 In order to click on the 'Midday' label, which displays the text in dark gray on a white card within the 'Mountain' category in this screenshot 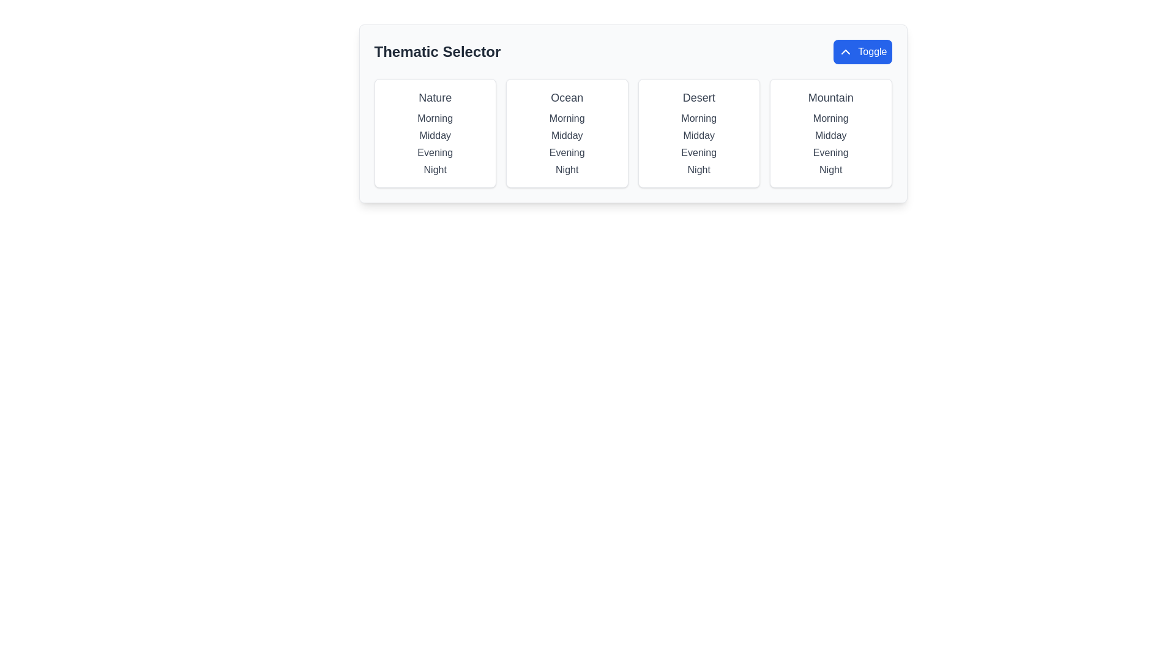, I will do `click(830, 136)`.